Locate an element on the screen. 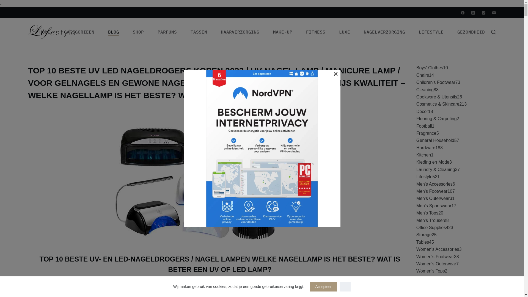 Image resolution: width=528 pixels, height=297 pixels. 'Men's Footwear' is located at coordinates (431, 191).